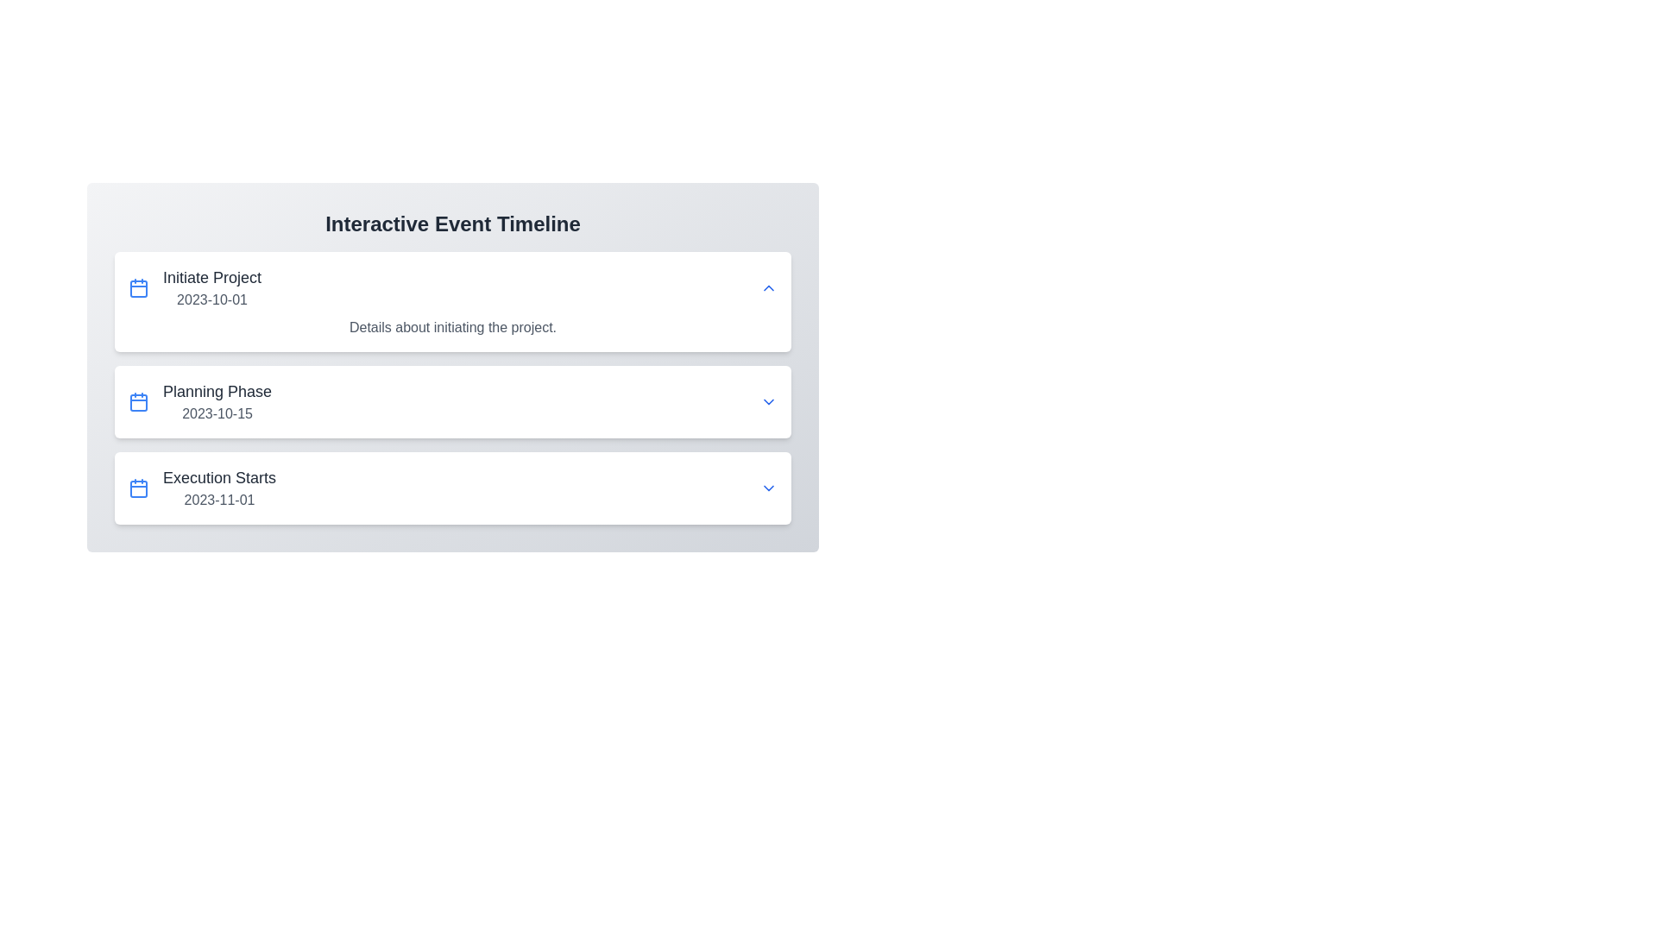  Describe the element at coordinates (452, 388) in the screenshot. I see `the downward arrow on the 'Planning Phase' timeline segment` at that location.